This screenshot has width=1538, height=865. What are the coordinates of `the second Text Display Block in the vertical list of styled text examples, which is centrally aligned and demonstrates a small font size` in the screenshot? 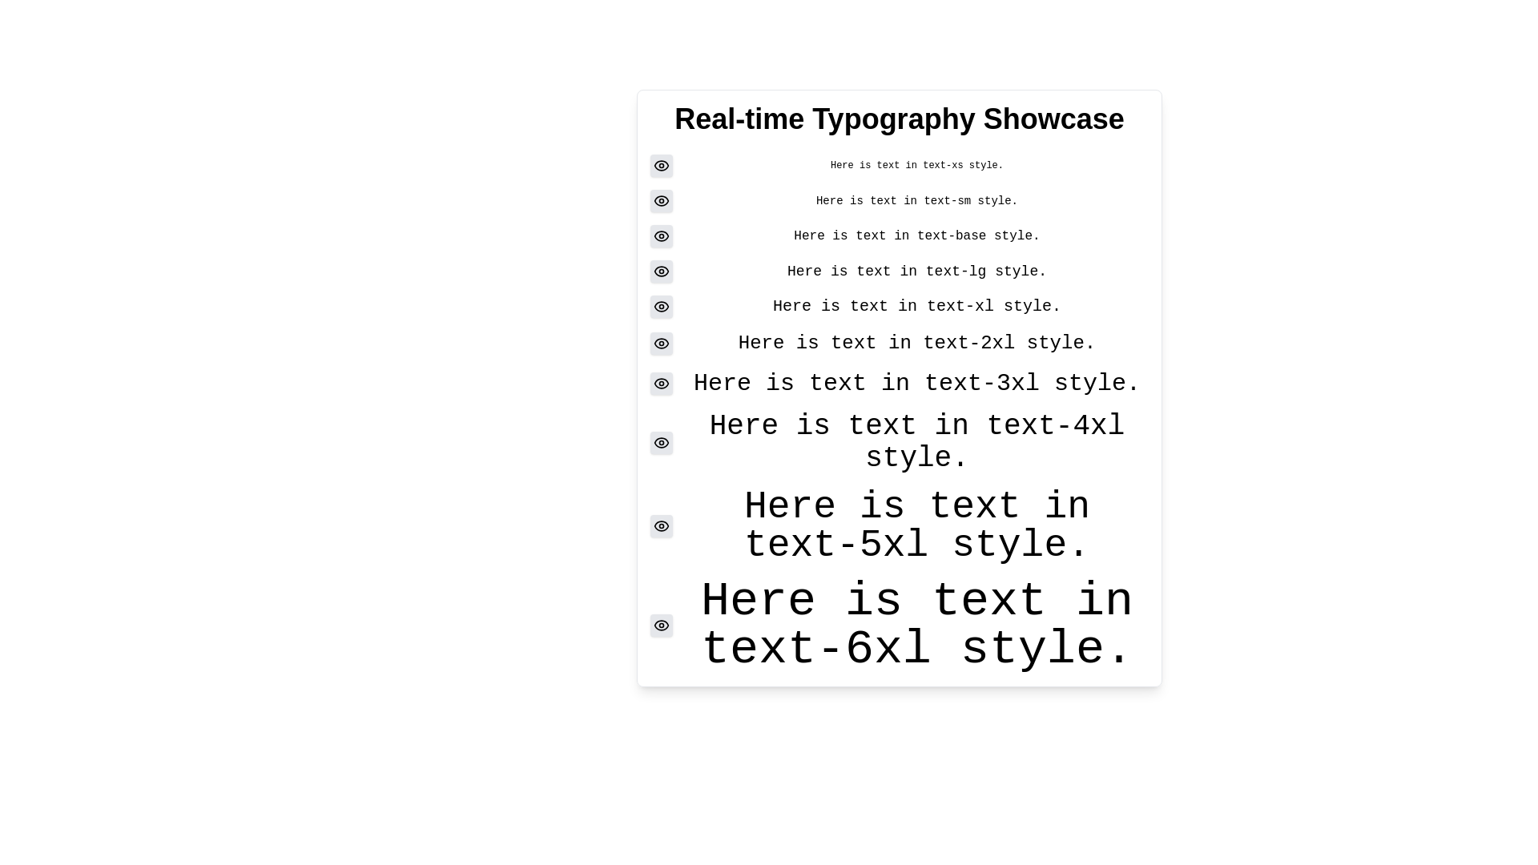 It's located at (900, 199).